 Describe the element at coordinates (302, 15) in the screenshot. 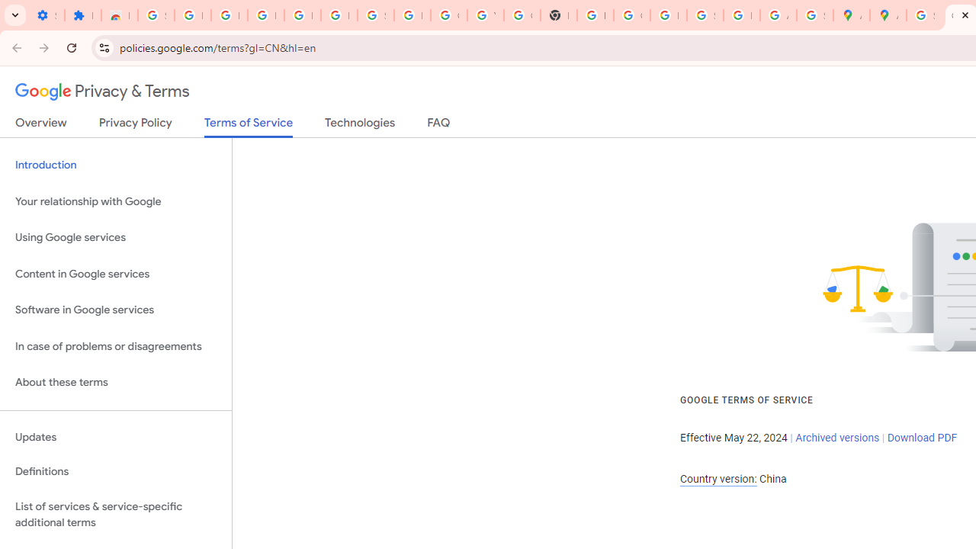

I see `'Learn how to find your photos - Google Photos Help'` at that location.